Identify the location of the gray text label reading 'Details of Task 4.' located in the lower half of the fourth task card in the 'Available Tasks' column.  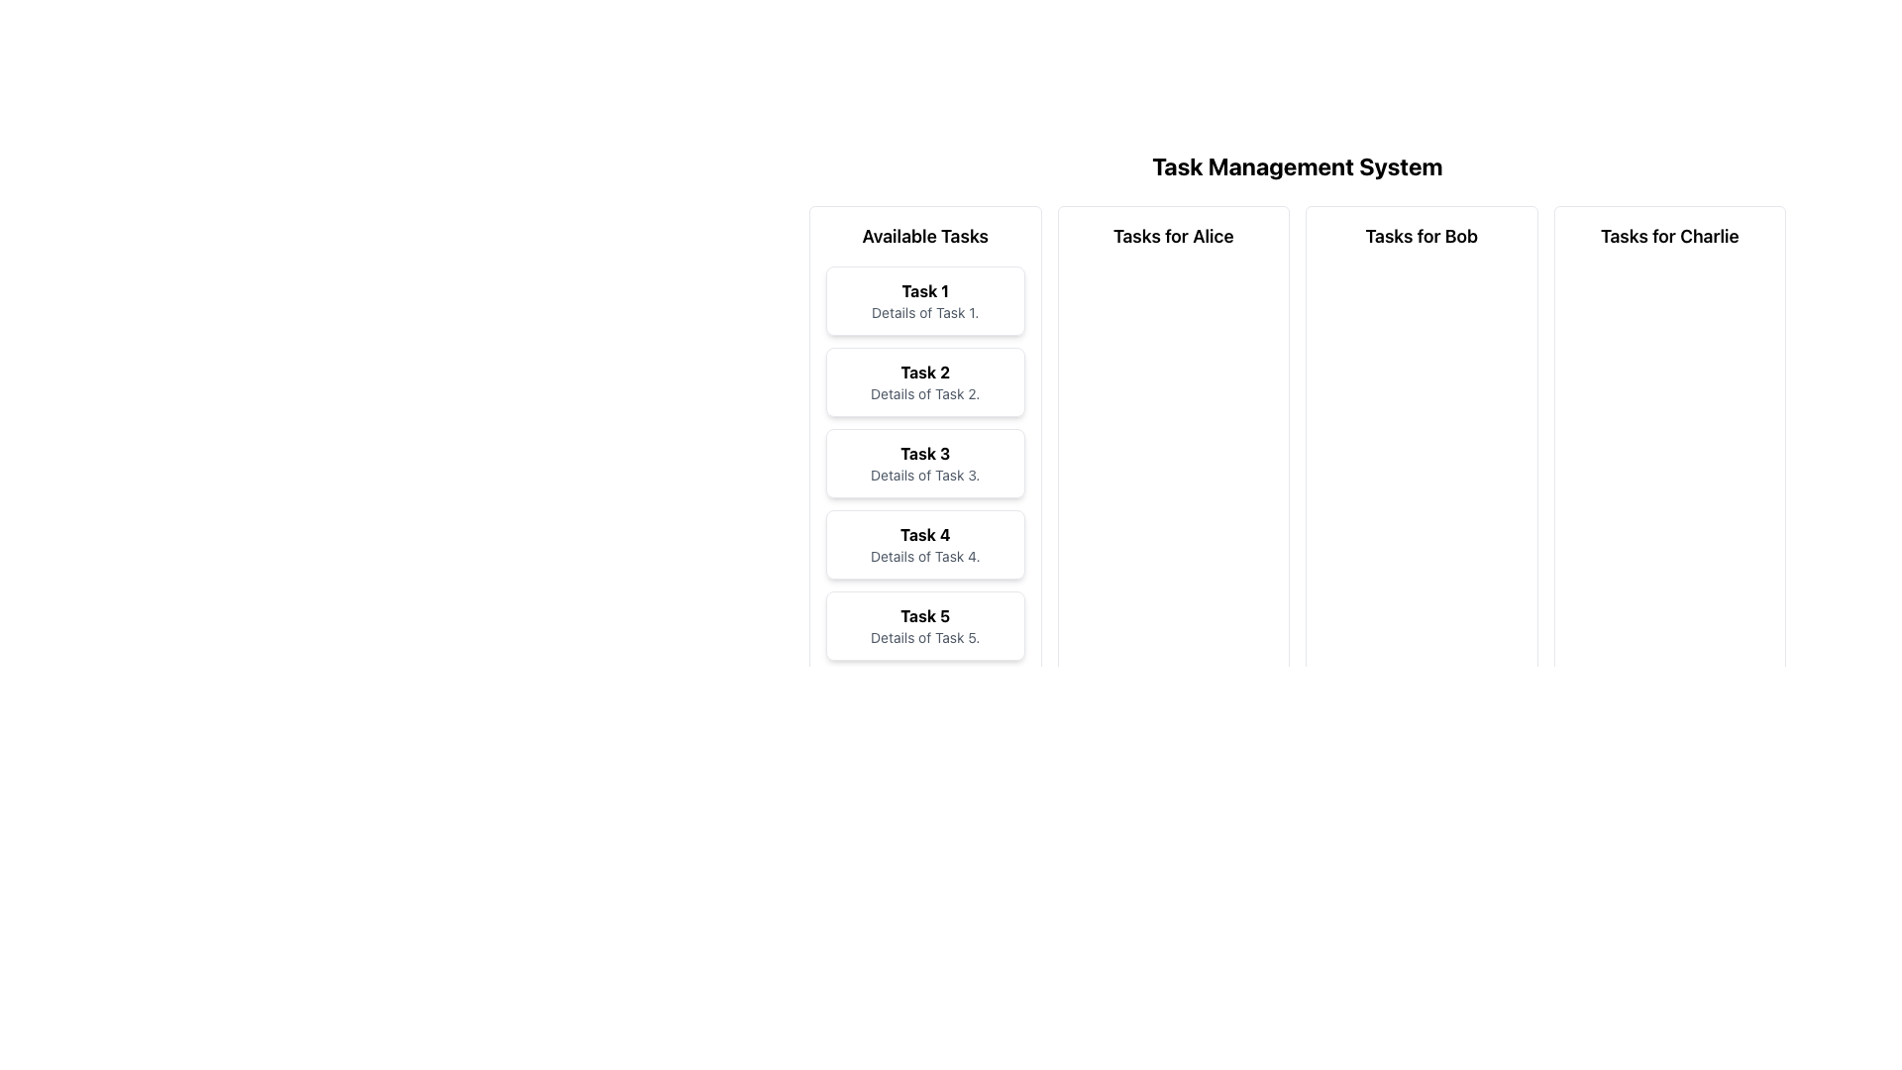
(924, 557).